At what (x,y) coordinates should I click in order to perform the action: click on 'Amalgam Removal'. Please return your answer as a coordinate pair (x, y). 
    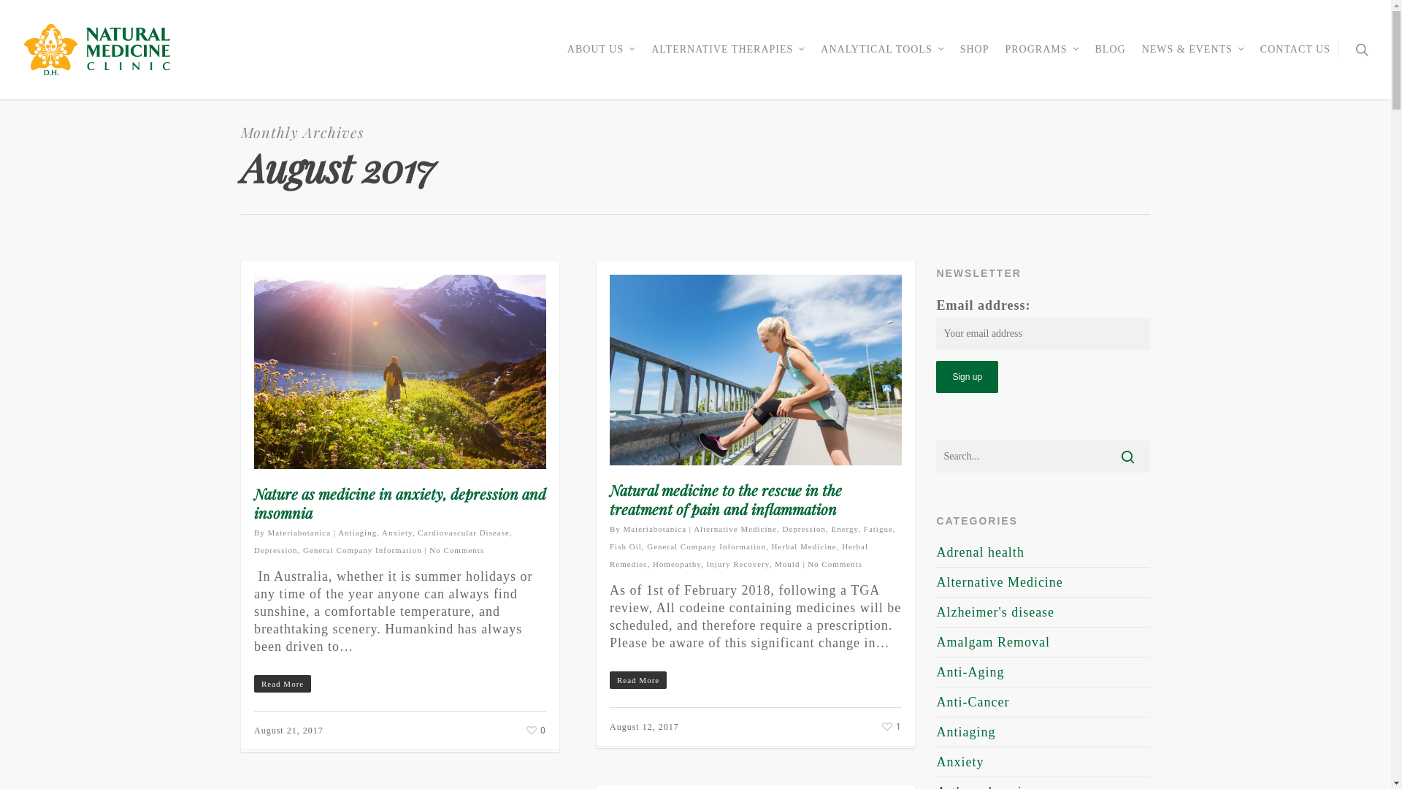
    Looking at the image, I should click on (1042, 641).